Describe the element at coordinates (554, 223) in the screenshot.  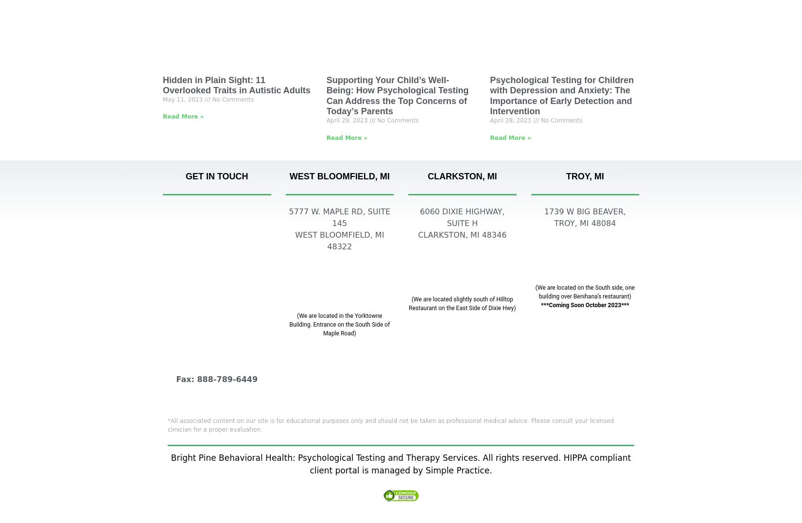
I see `'TROY, MI 48084'` at that location.